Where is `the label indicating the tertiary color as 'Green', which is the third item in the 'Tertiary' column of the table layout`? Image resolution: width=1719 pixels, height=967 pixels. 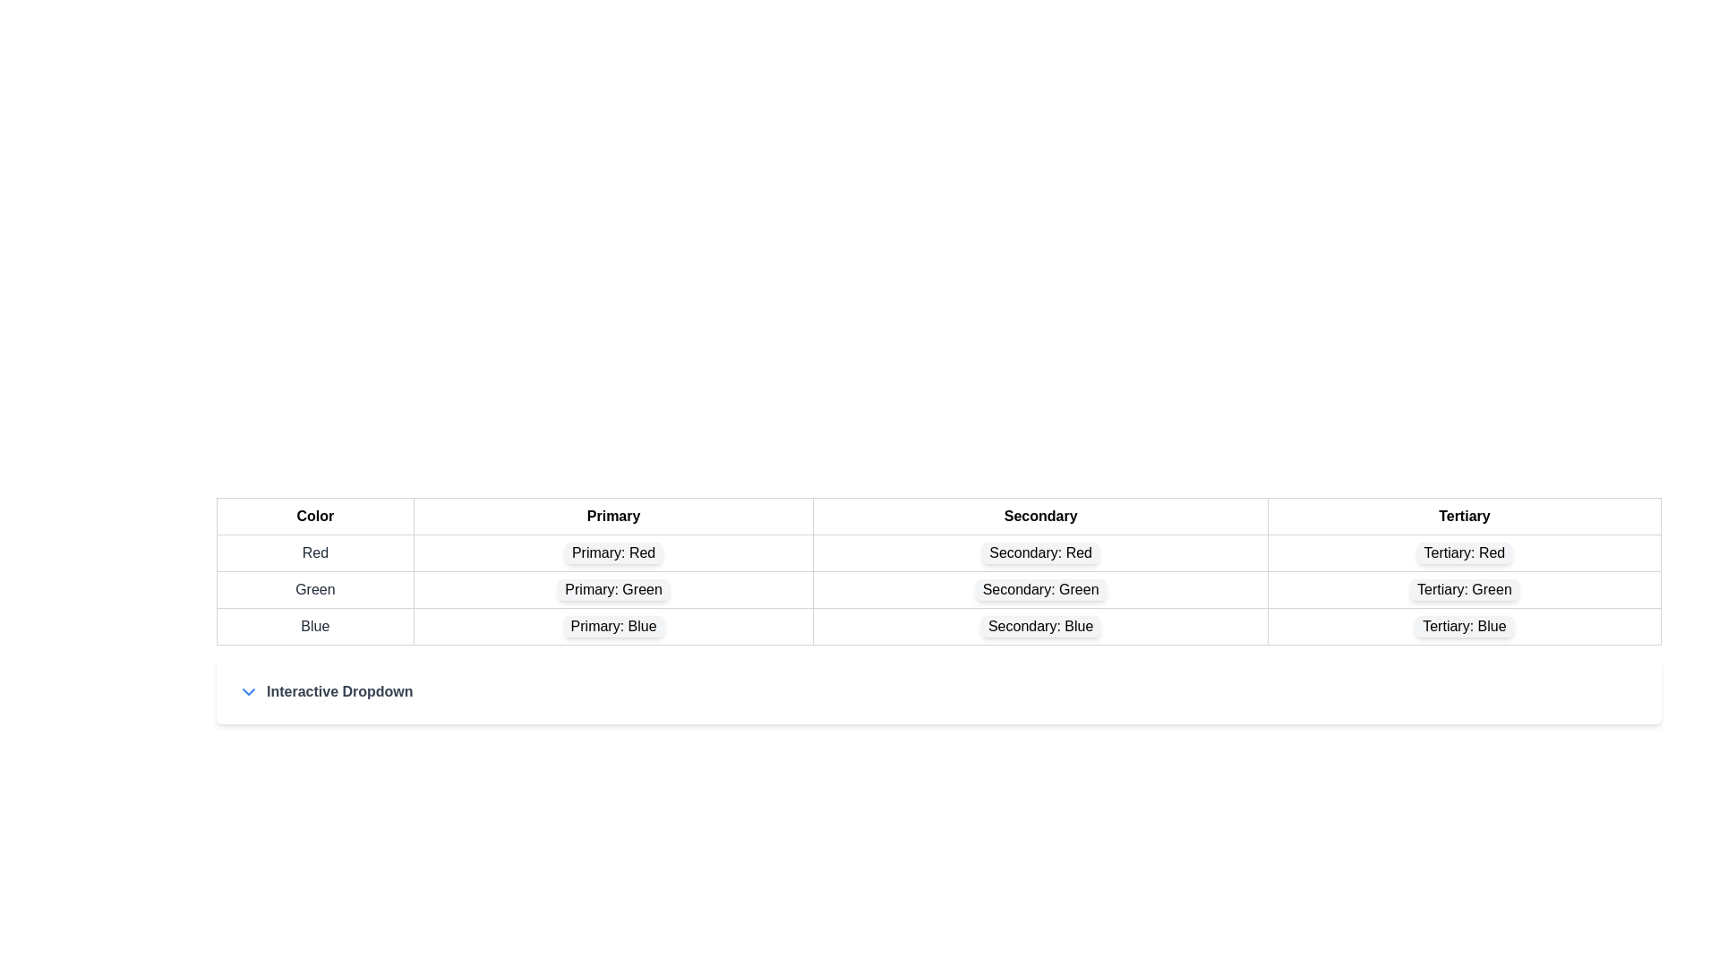
the label indicating the tertiary color as 'Green', which is the third item in the 'Tertiary' column of the table layout is located at coordinates (1464, 590).